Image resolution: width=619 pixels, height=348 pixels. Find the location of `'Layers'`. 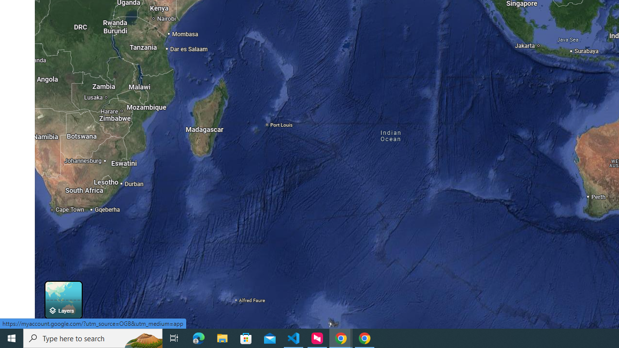

'Layers' is located at coordinates (63, 299).